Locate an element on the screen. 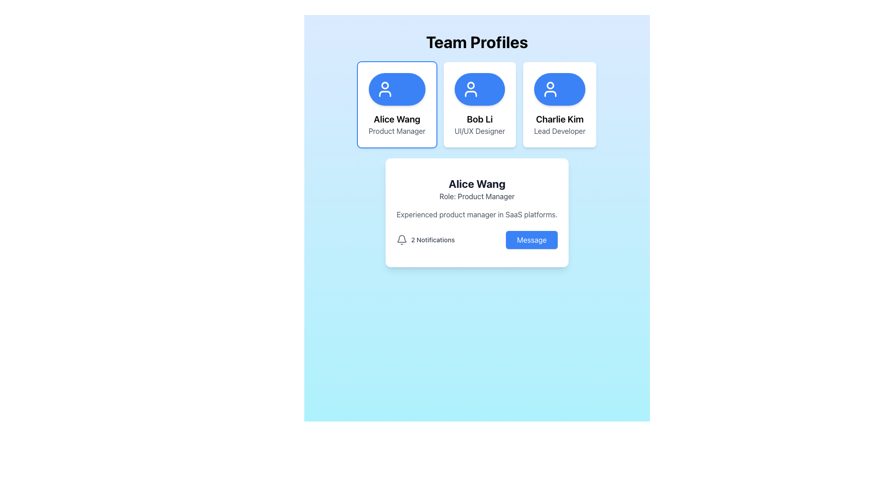 This screenshot has width=872, height=490. the user icon representing 'Bob Li', which is a white line drawing of a person against a blue circular background is located at coordinates (471, 89).